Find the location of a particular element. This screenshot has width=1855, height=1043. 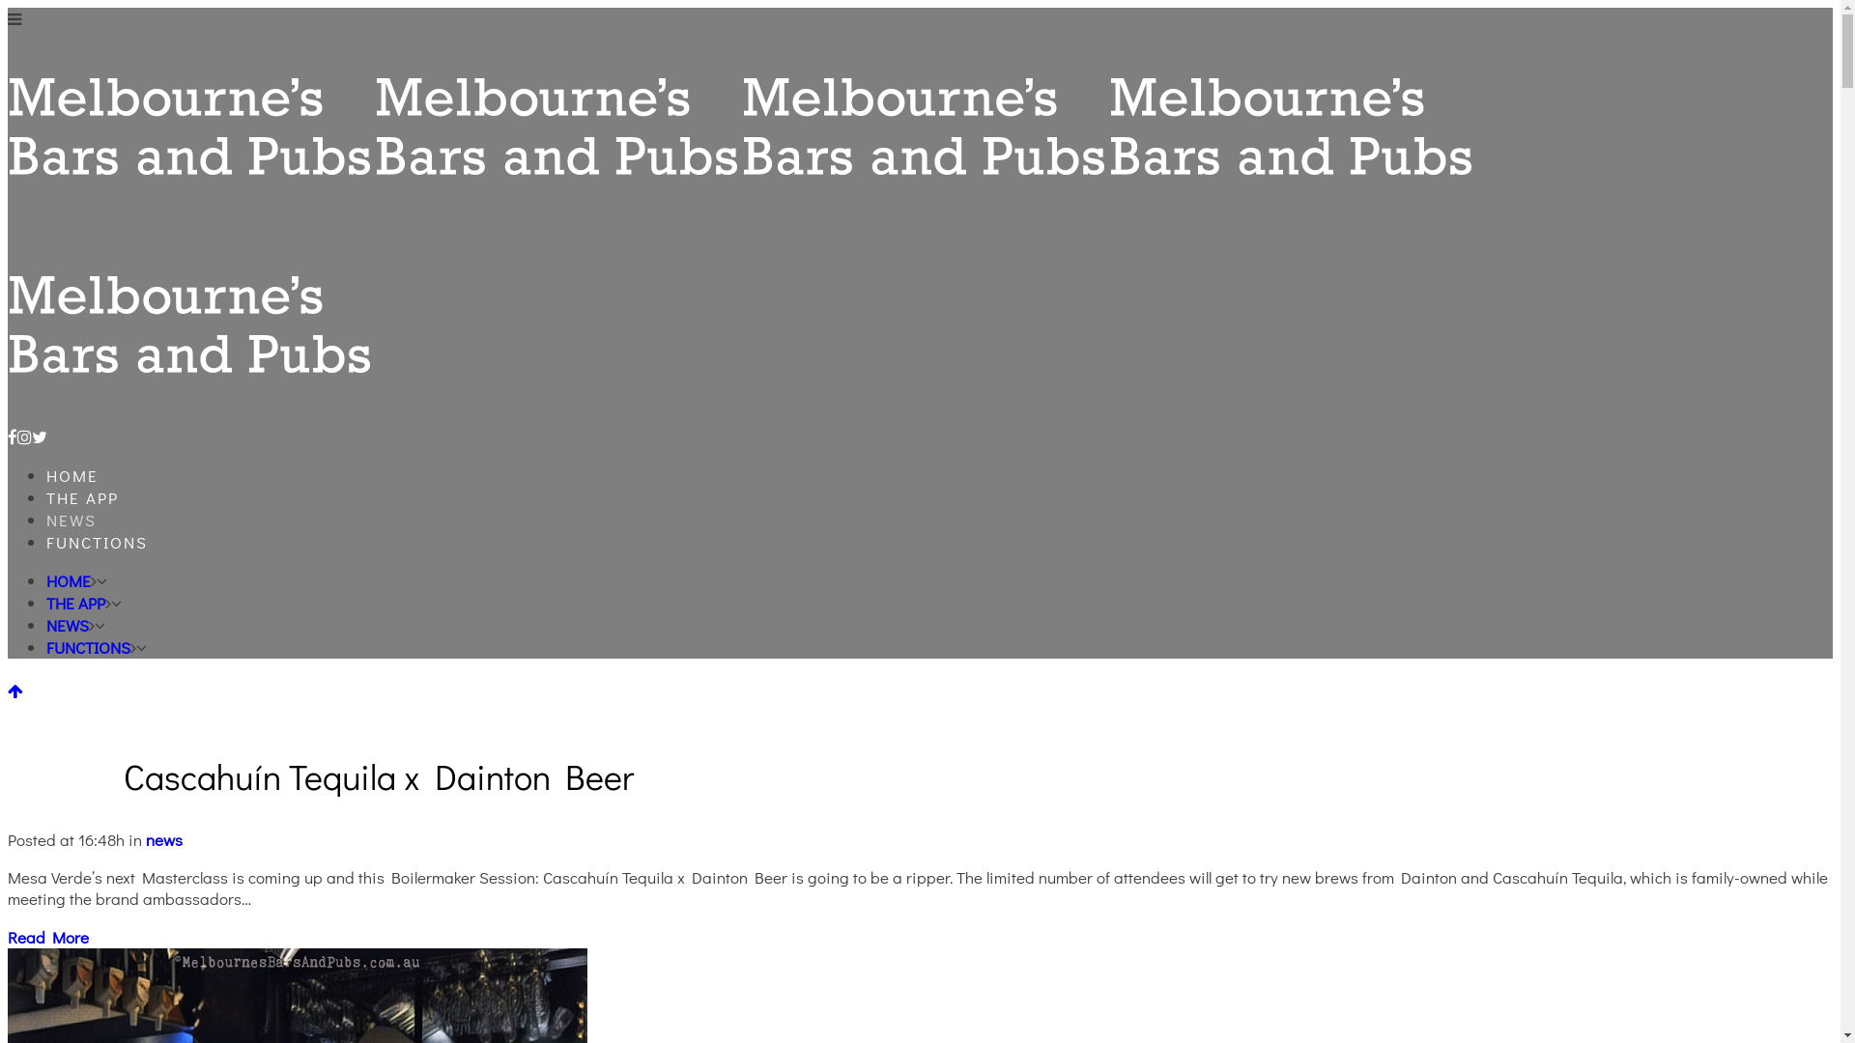

'THE APP' is located at coordinates (81, 496).